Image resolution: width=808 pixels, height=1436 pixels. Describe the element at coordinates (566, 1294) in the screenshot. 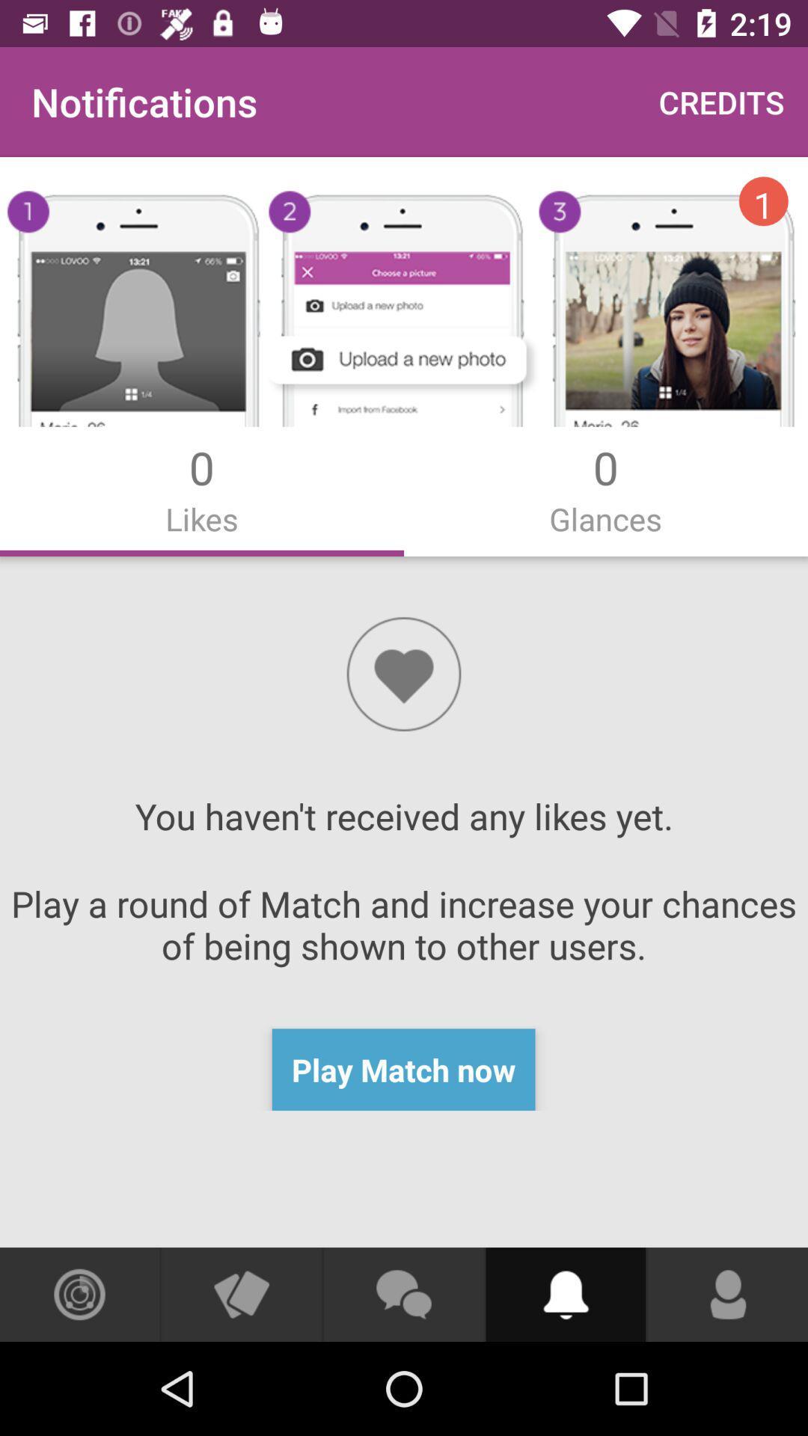

I see `alert informations button` at that location.